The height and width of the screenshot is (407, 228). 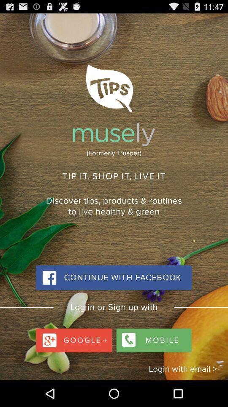 What do you see at coordinates (152, 338) in the screenshot?
I see `switch to phone` at bounding box center [152, 338].